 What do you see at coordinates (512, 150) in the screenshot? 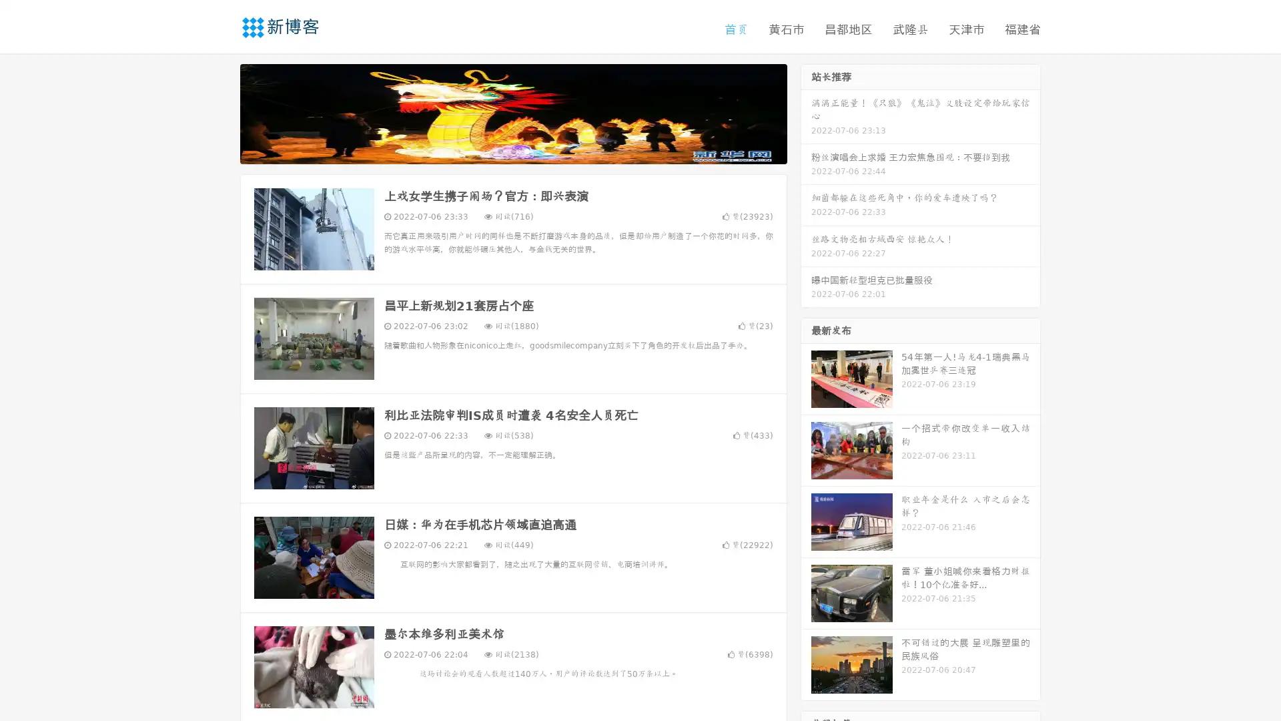
I see `Go to slide 2` at bounding box center [512, 150].